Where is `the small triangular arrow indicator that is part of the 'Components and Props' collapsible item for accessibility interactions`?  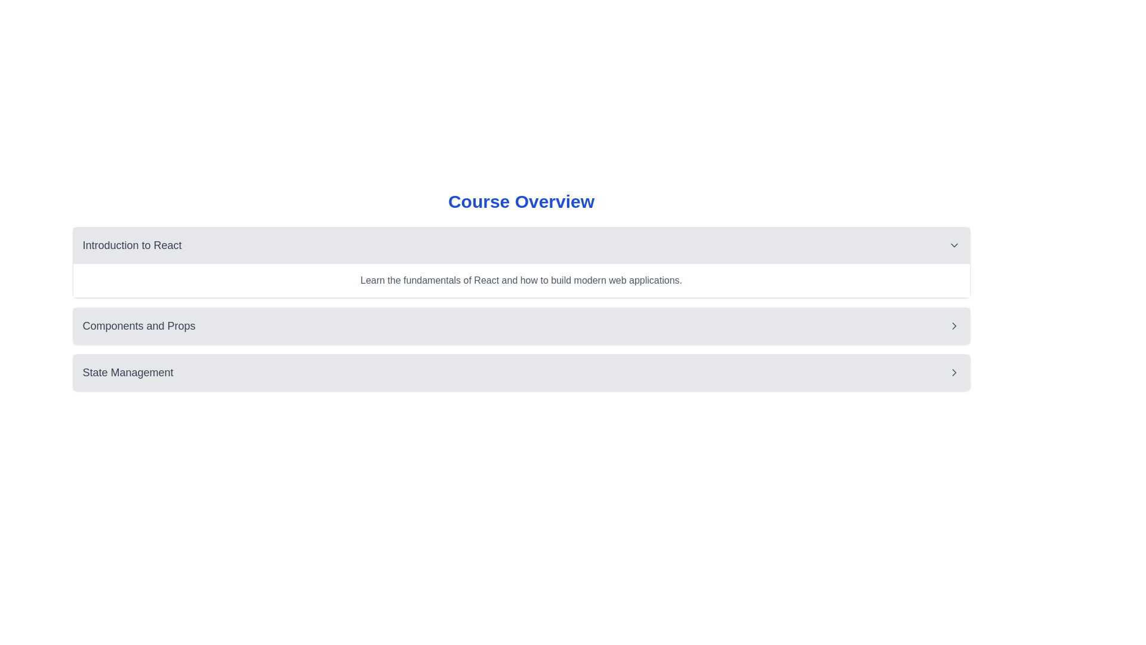
the small triangular arrow indicator that is part of the 'Components and Props' collapsible item for accessibility interactions is located at coordinates (953, 326).